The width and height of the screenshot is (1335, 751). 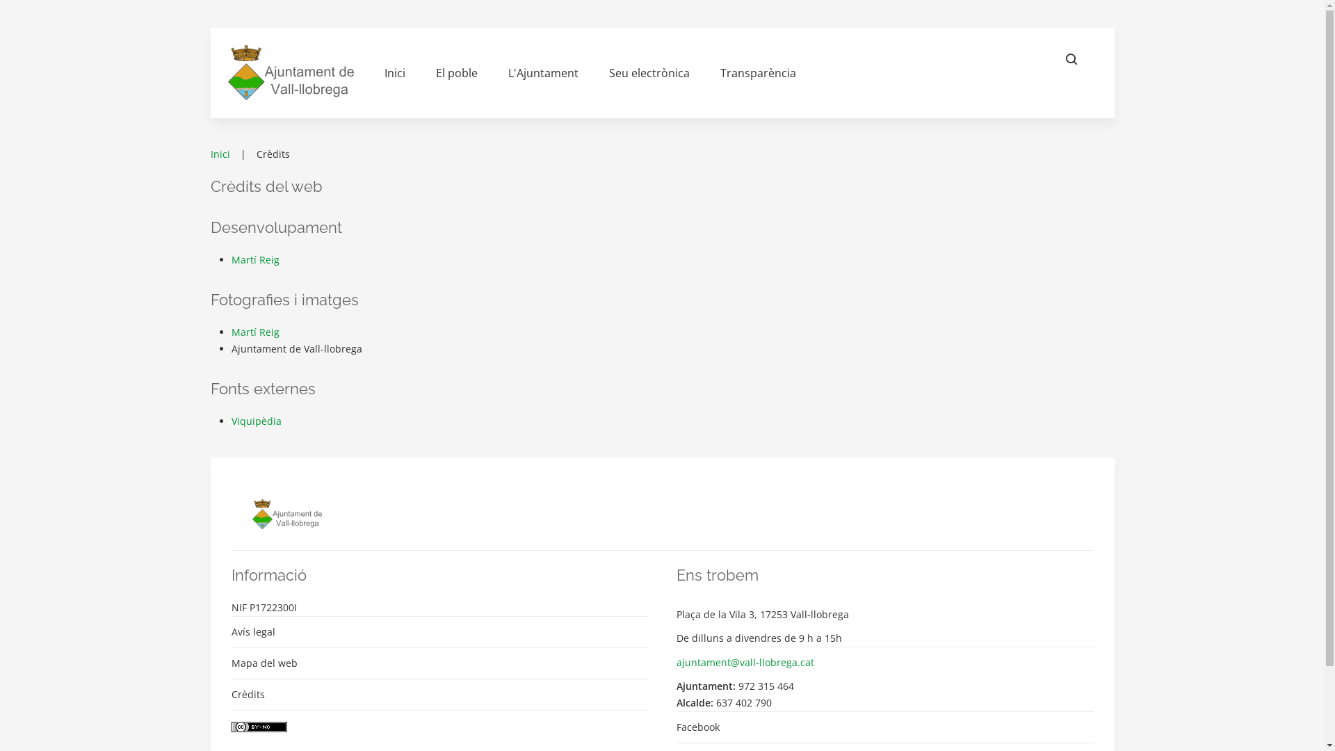 What do you see at coordinates (542, 72) in the screenshot?
I see `'L'Ajuntament'` at bounding box center [542, 72].